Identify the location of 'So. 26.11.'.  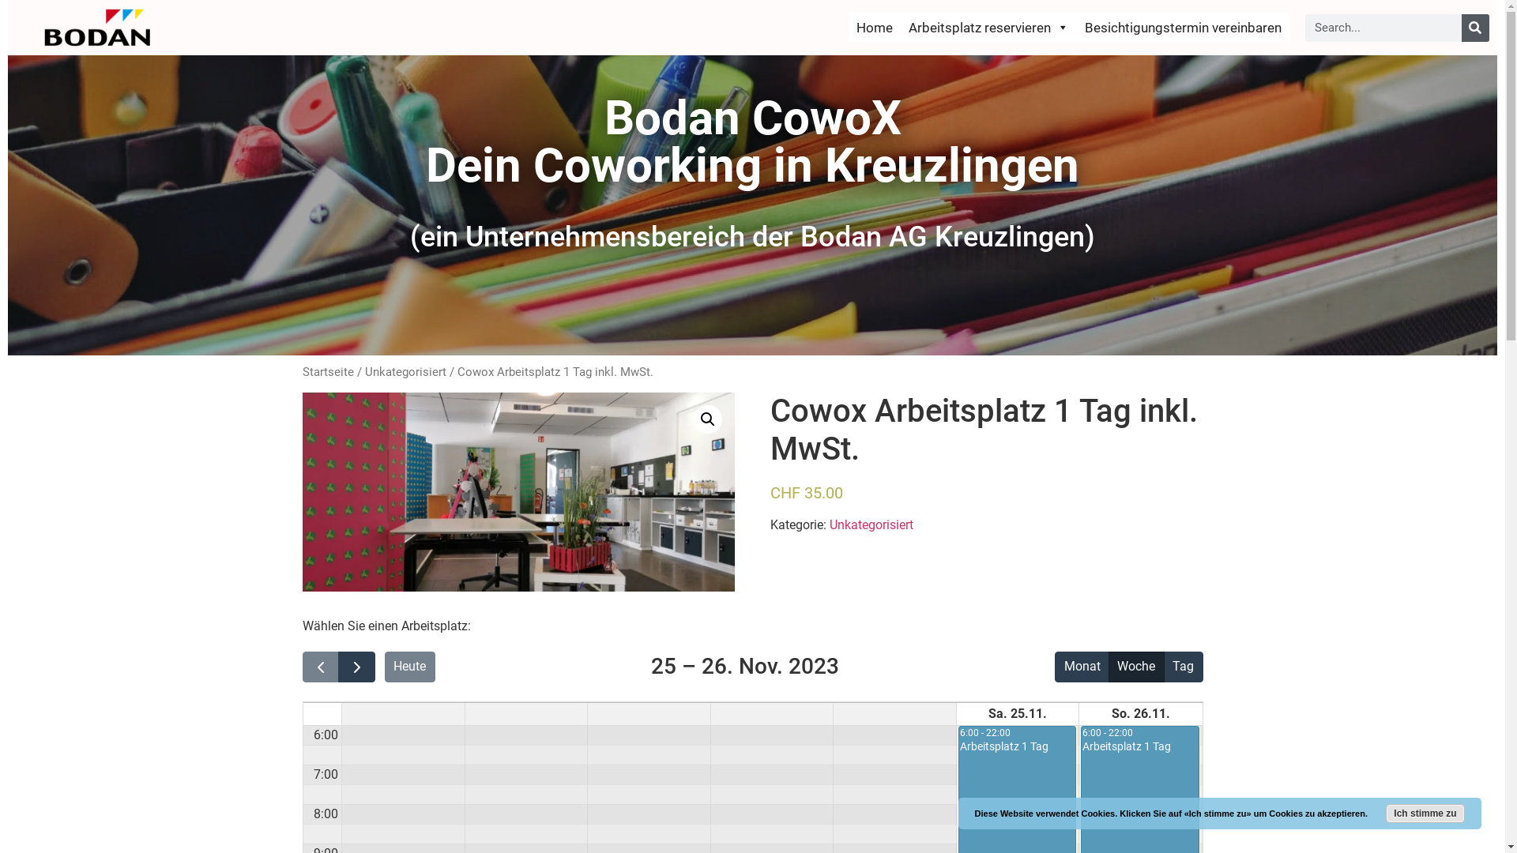
(1107, 713).